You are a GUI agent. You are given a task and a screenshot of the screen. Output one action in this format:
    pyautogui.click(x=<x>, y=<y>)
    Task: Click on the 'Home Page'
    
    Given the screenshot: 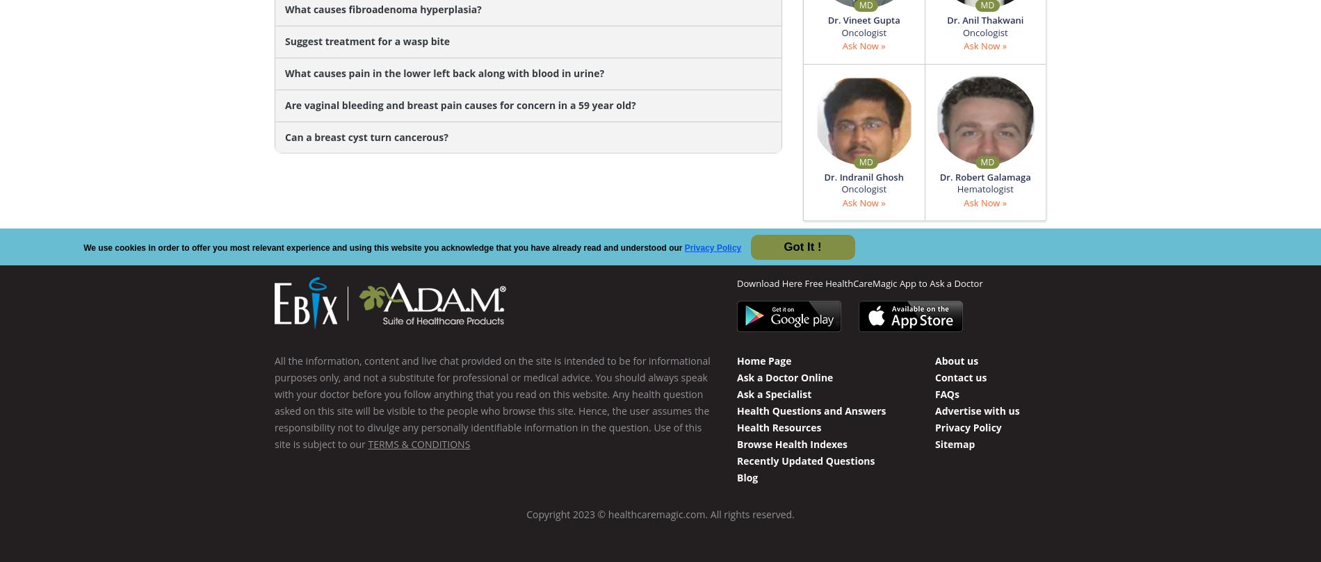 What is the action you would take?
    pyautogui.click(x=763, y=359)
    